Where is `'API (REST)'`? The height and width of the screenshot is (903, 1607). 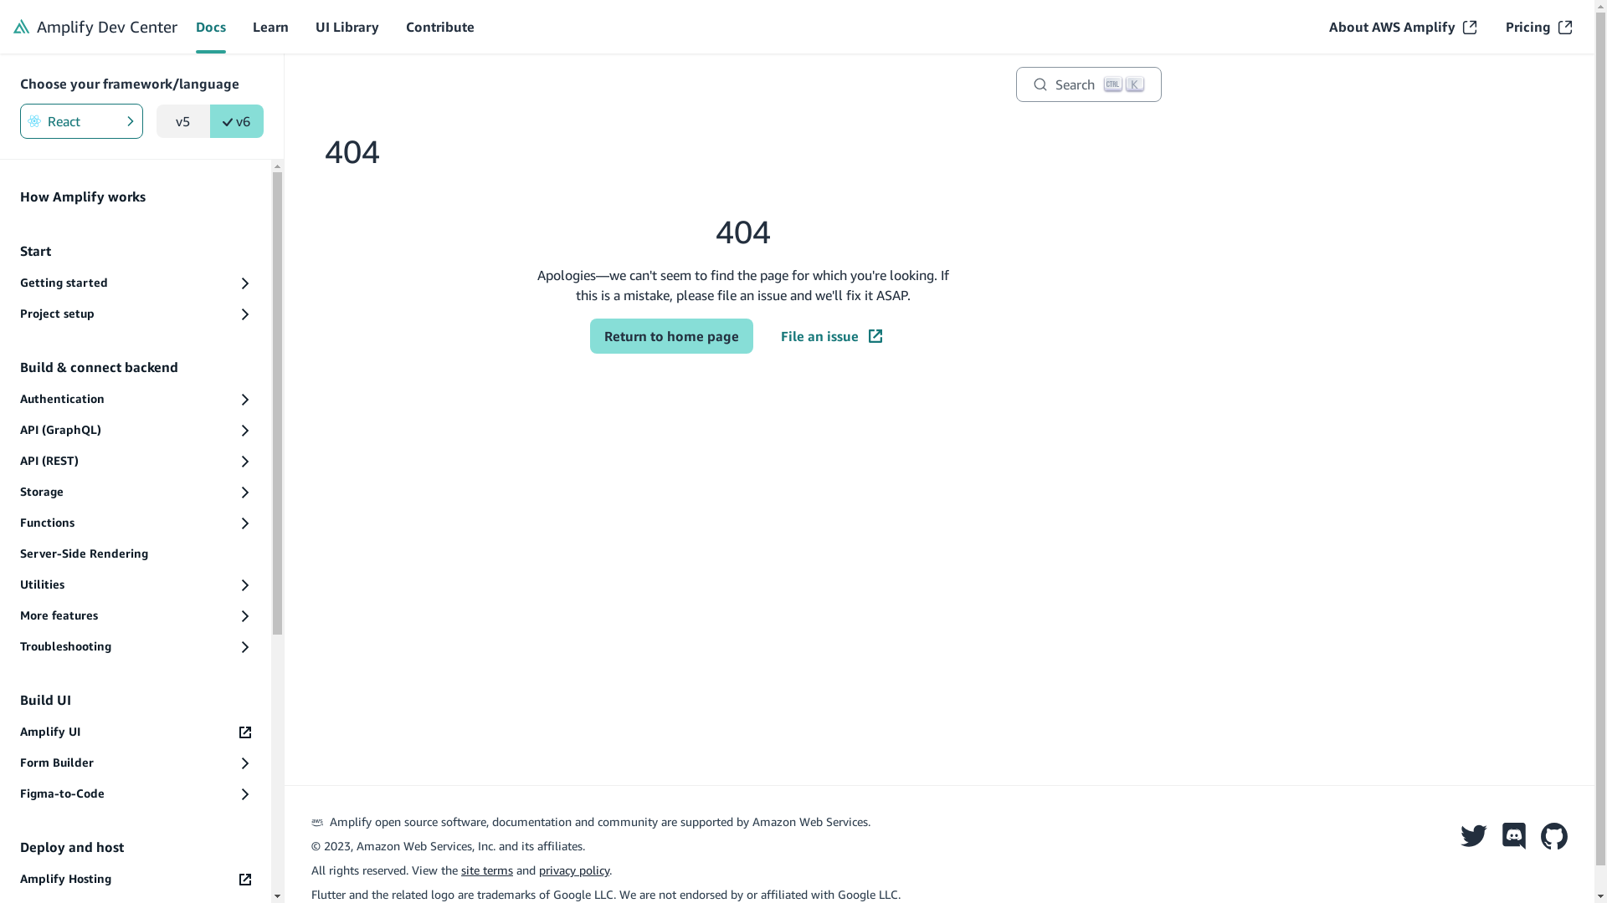 'API (REST)' is located at coordinates (136, 461).